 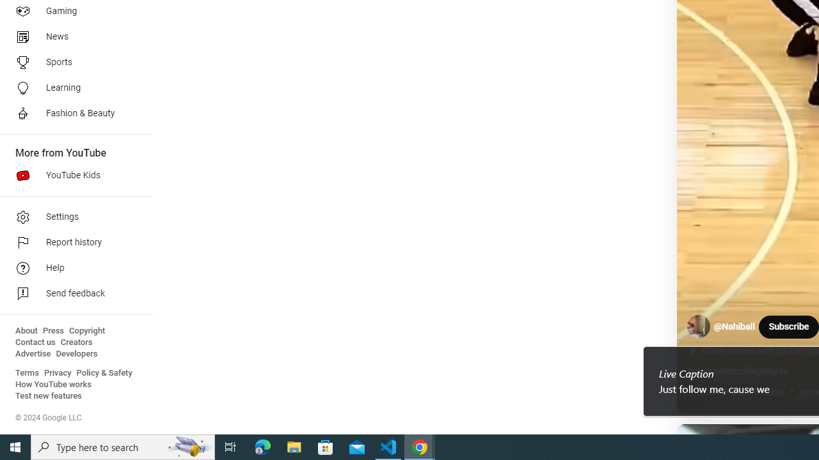 What do you see at coordinates (52, 384) in the screenshot?
I see `'How YouTube works'` at bounding box center [52, 384].